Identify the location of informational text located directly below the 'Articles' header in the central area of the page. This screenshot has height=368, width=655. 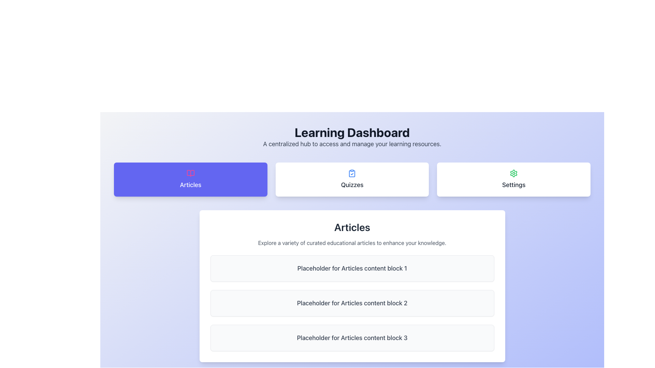
(352, 243).